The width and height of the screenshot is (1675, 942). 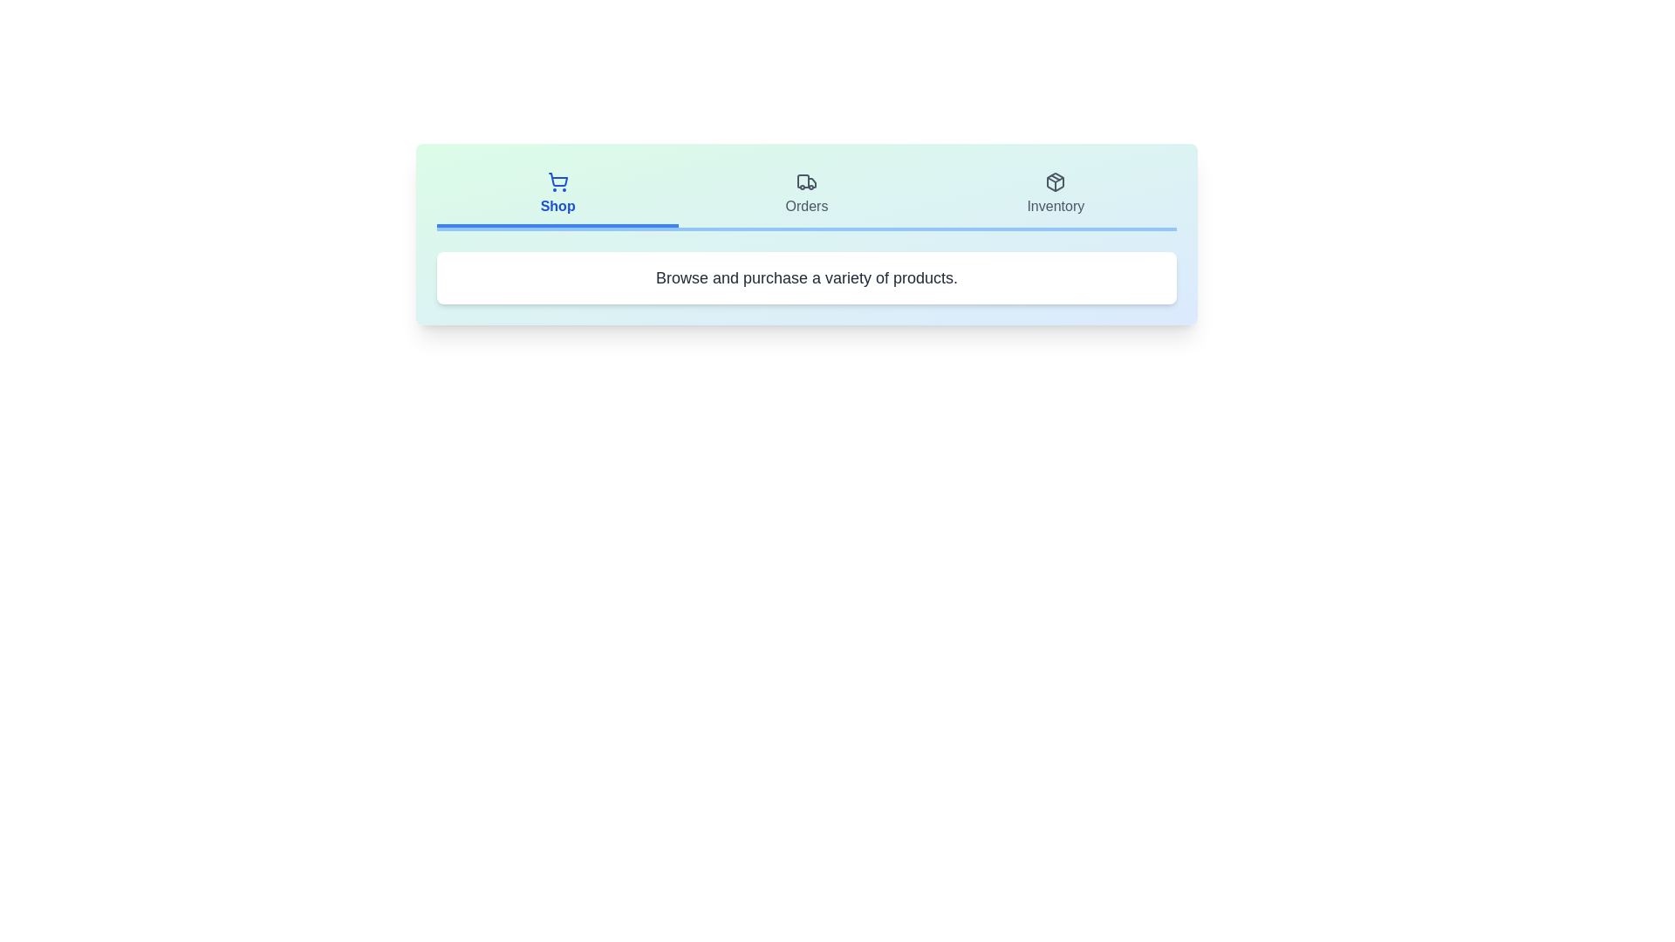 What do you see at coordinates (806, 277) in the screenshot?
I see `the text content displayed in the content area of the active tab` at bounding box center [806, 277].